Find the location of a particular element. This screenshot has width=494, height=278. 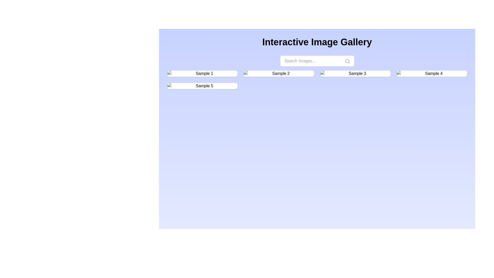

the search button located at the rightmost position inside the 'Search Images...' input field is located at coordinates (347, 61).